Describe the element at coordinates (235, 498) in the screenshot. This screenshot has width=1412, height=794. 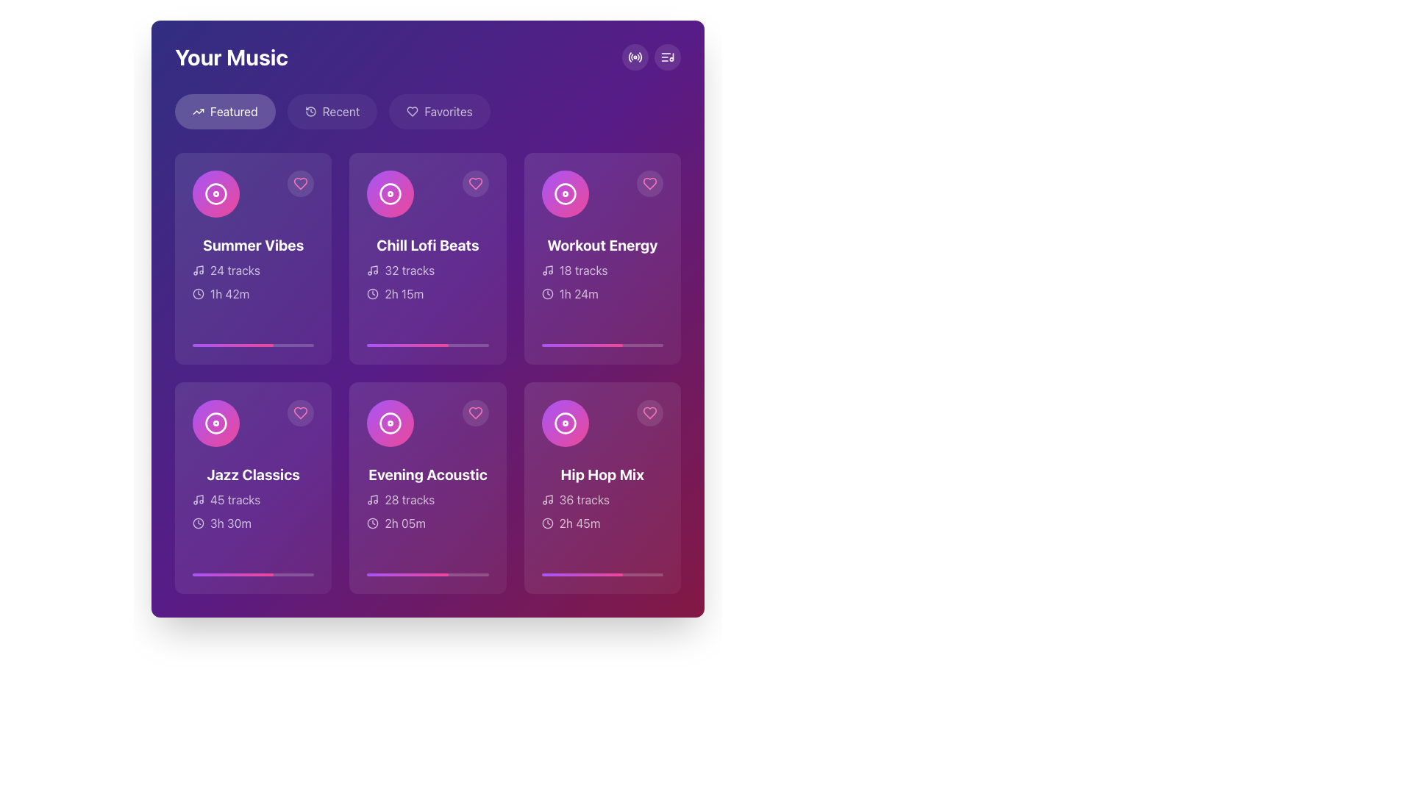
I see `the text label displaying '45 tracks' within the purple card of the 'Jazz Classics' playlist located in the bottom-left corner of the UI grid` at that location.